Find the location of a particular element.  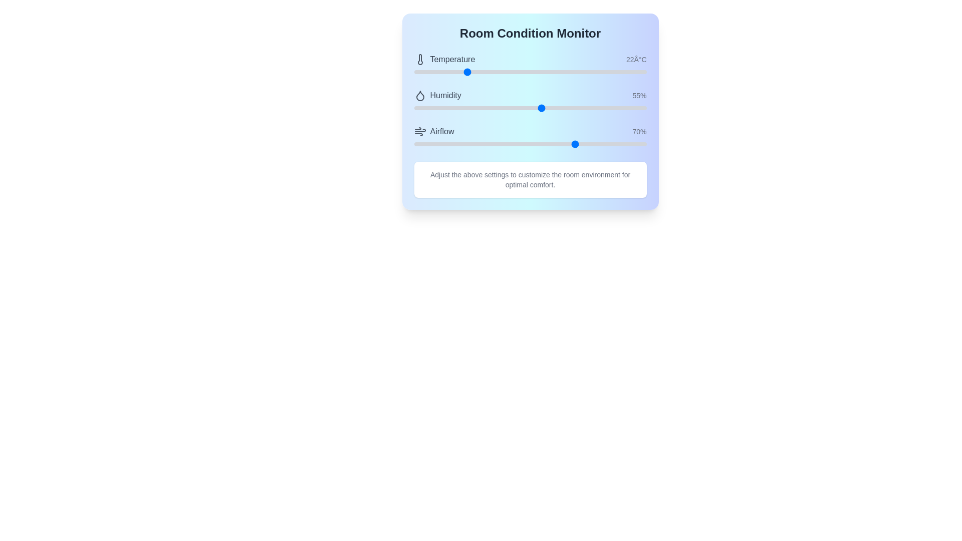

the humidity level is located at coordinates (606, 108).